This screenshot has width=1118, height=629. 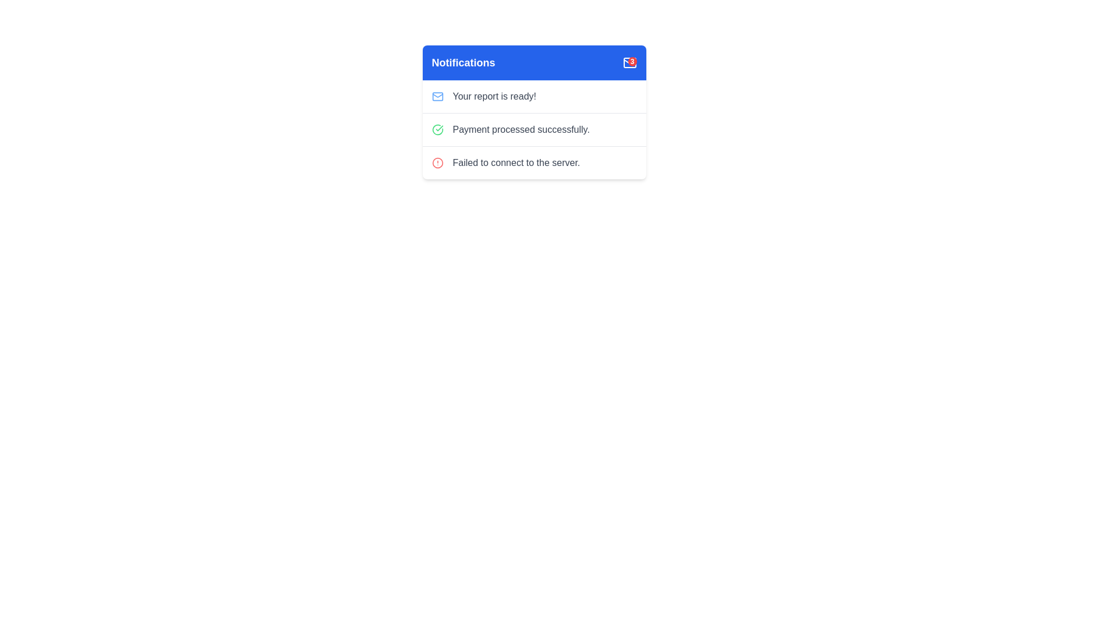 What do you see at coordinates (437, 130) in the screenshot?
I see `the payment success icon located to the left of the text 'Payment processed successfully.' in the notification panel, as it indicates the successful completion of a payment action` at bounding box center [437, 130].